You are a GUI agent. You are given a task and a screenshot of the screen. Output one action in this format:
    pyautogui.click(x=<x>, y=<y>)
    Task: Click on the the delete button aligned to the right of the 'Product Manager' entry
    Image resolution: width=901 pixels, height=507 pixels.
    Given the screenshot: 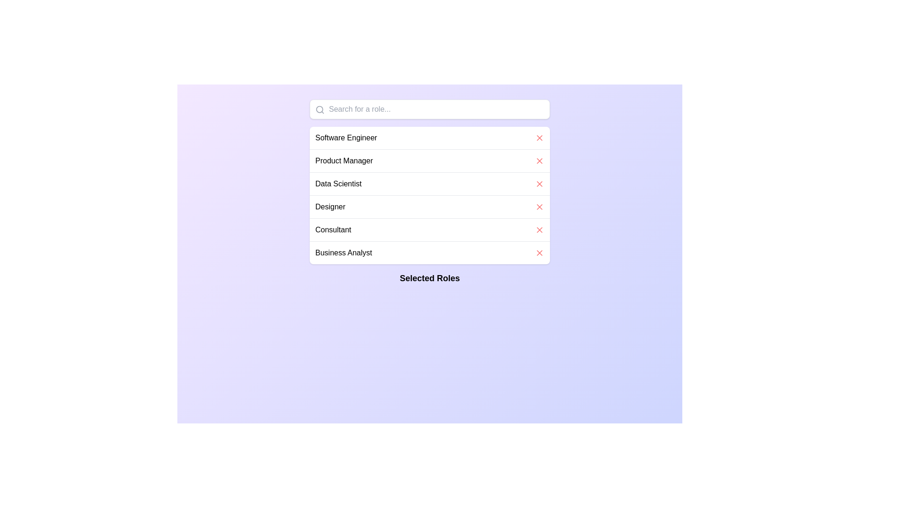 What is the action you would take?
    pyautogui.click(x=540, y=161)
    